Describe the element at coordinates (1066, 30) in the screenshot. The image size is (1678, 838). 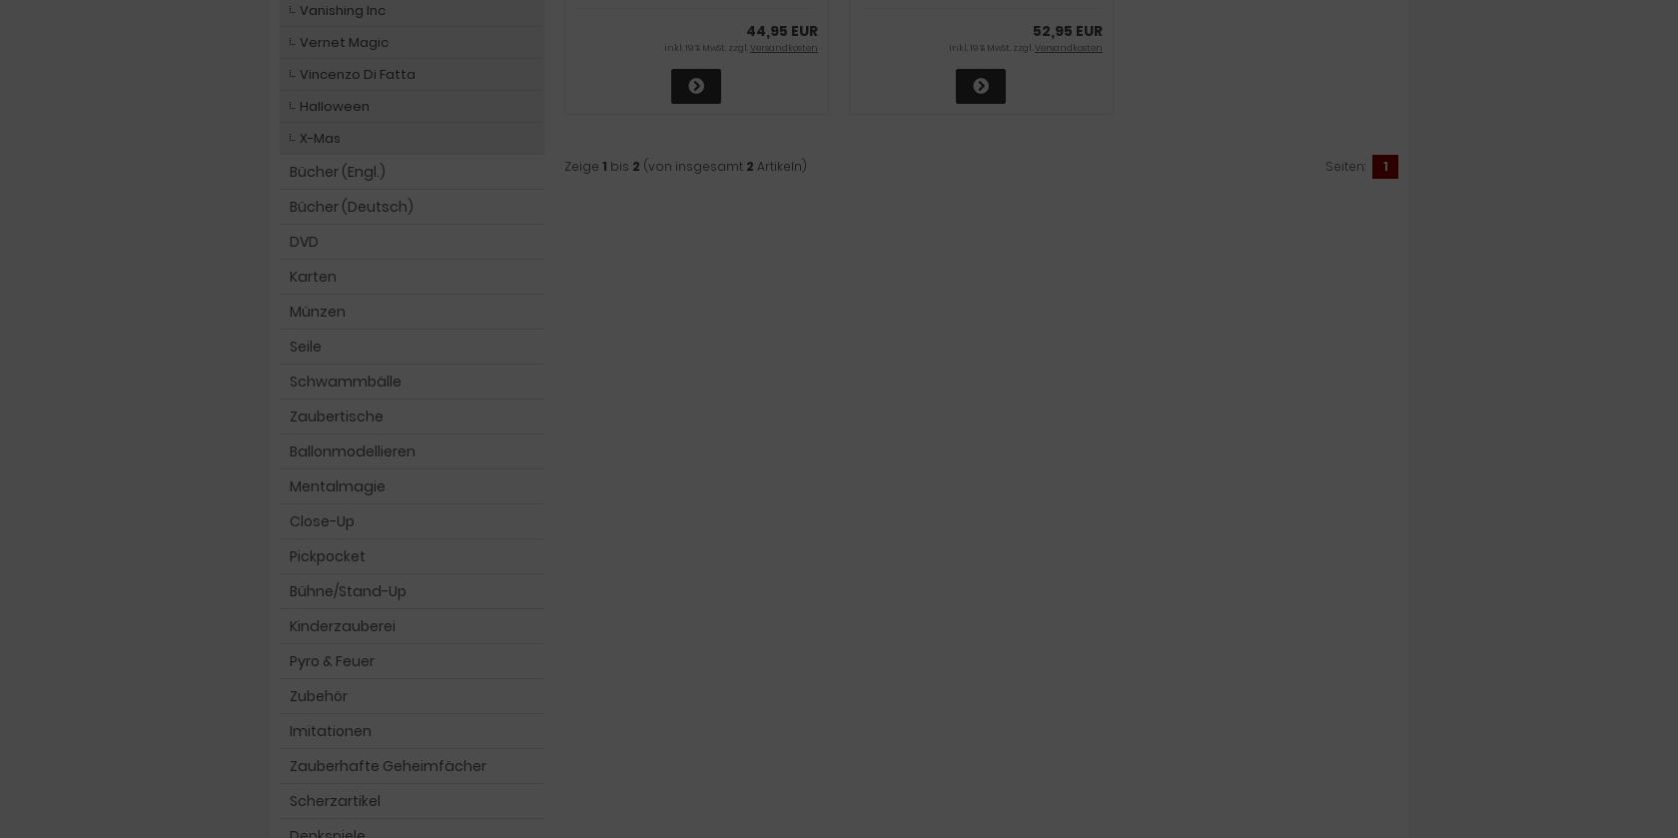
I see `'52,95 EUR'` at that location.